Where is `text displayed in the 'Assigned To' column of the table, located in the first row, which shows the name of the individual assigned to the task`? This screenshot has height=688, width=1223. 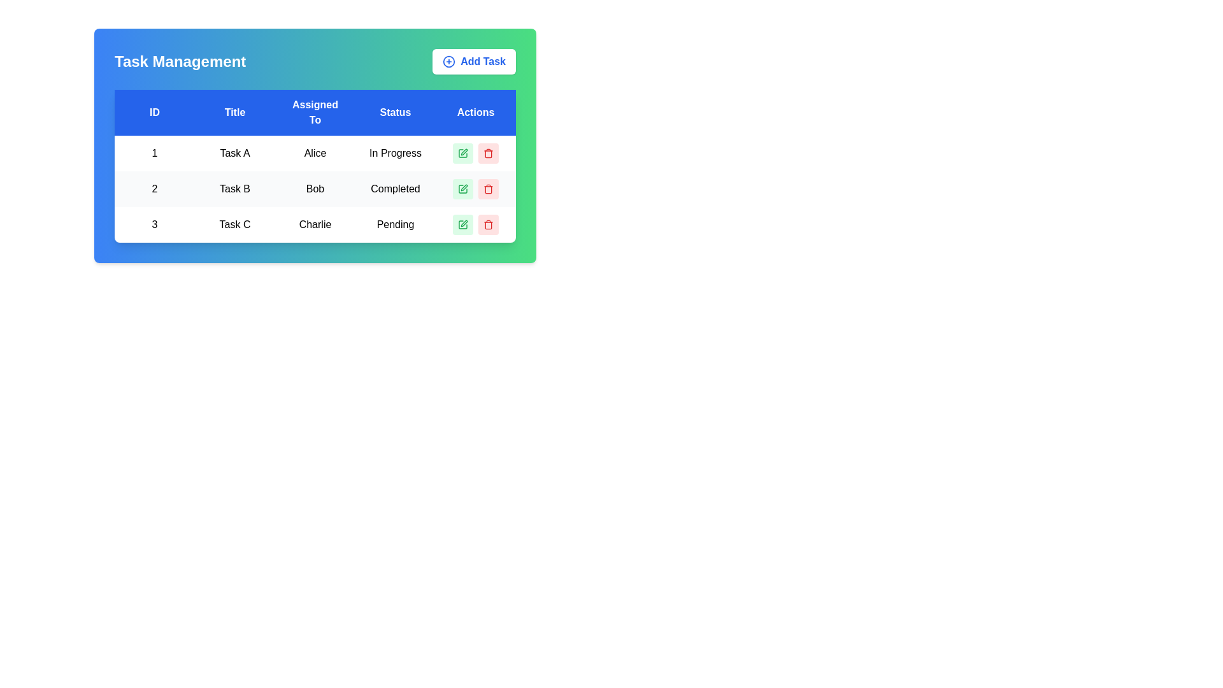
text displayed in the 'Assigned To' column of the table, located in the first row, which shows the name of the individual assigned to the task is located at coordinates (315, 152).